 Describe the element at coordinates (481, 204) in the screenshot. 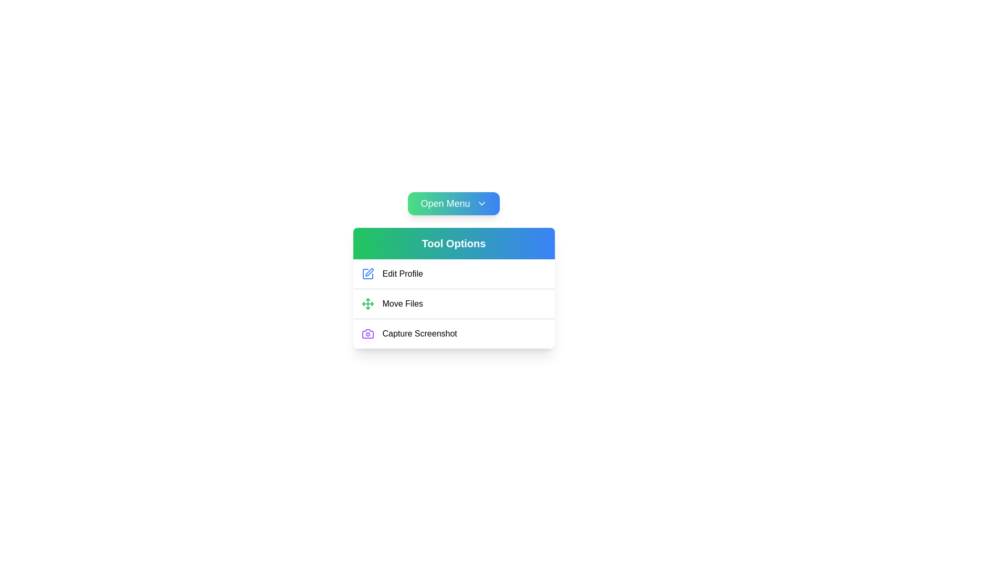

I see `the chevron/downward arrow icon located on the right side of the 'Open Menu' button to indicate that it can be clicked` at that location.